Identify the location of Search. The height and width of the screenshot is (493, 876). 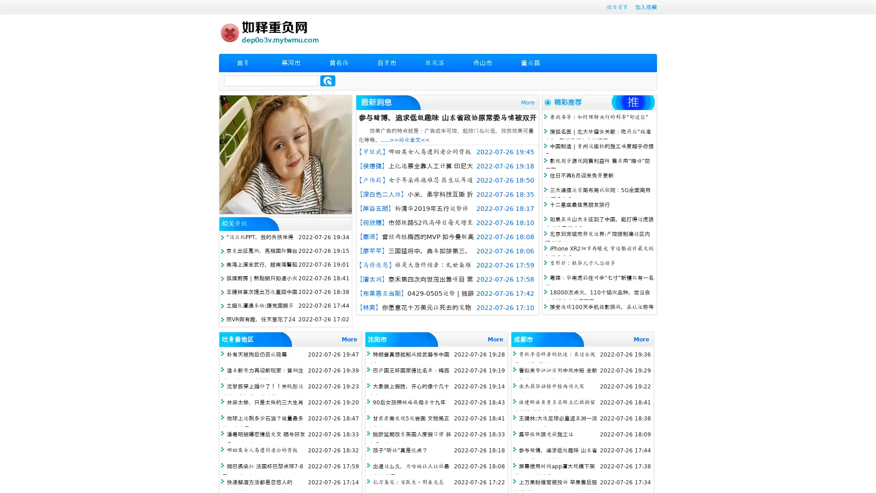
(328, 80).